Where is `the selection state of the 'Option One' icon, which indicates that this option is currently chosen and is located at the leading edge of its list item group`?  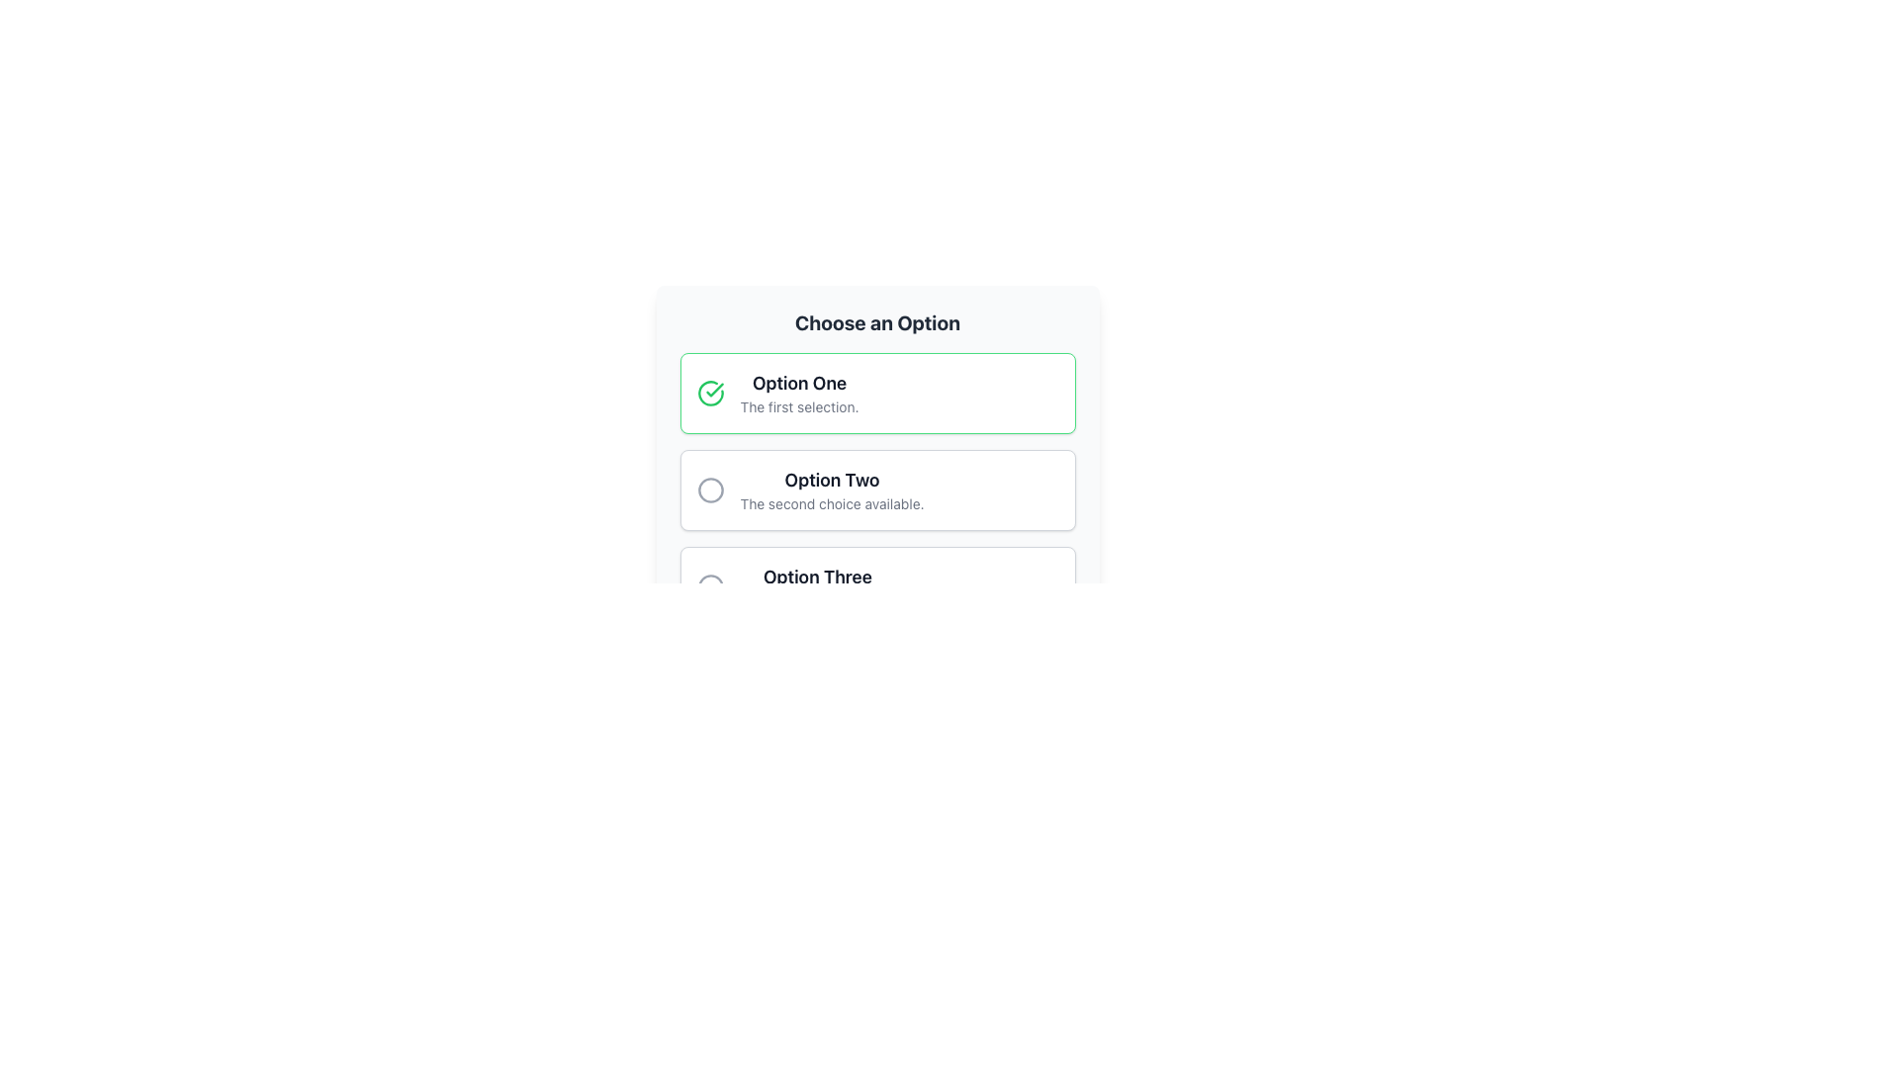 the selection state of the 'Option One' icon, which indicates that this option is currently chosen and is located at the leading edge of its list item group is located at coordinates (710, 393).